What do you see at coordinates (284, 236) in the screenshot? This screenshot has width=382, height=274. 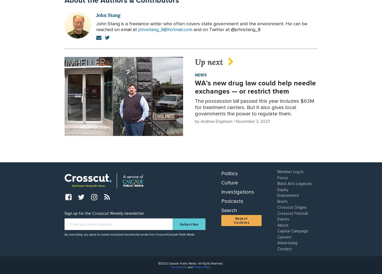 I see `'Careers'` at bounding box center [284, 236].